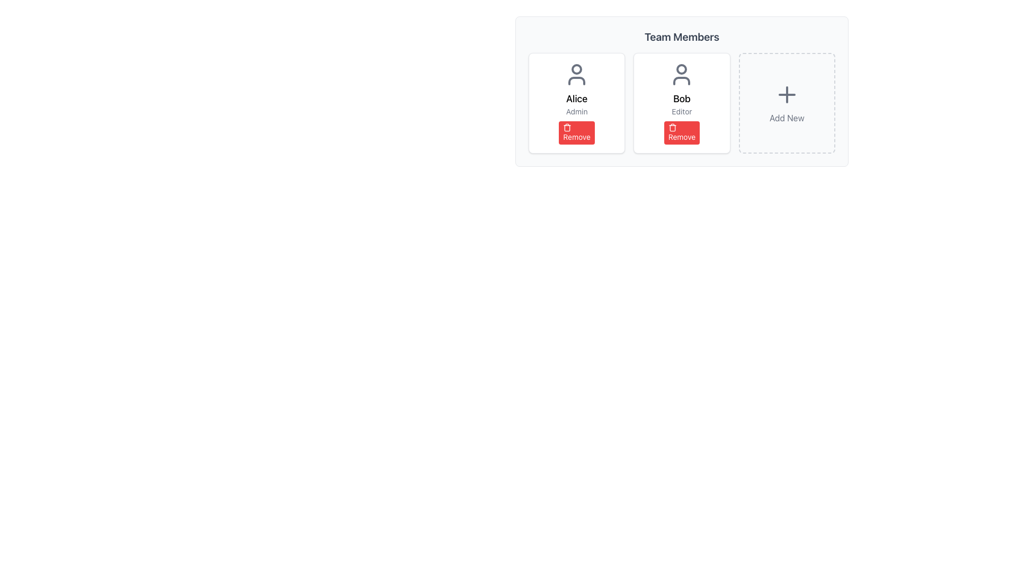 This screenshot has width=1017, height=572. What do you see at coordinates (682, 132) in the screenshot?
I see `the red 'Remove' button with a trash bin icon located at the bottom of the information card for 'Bob'` at bounding box center [682, 132].